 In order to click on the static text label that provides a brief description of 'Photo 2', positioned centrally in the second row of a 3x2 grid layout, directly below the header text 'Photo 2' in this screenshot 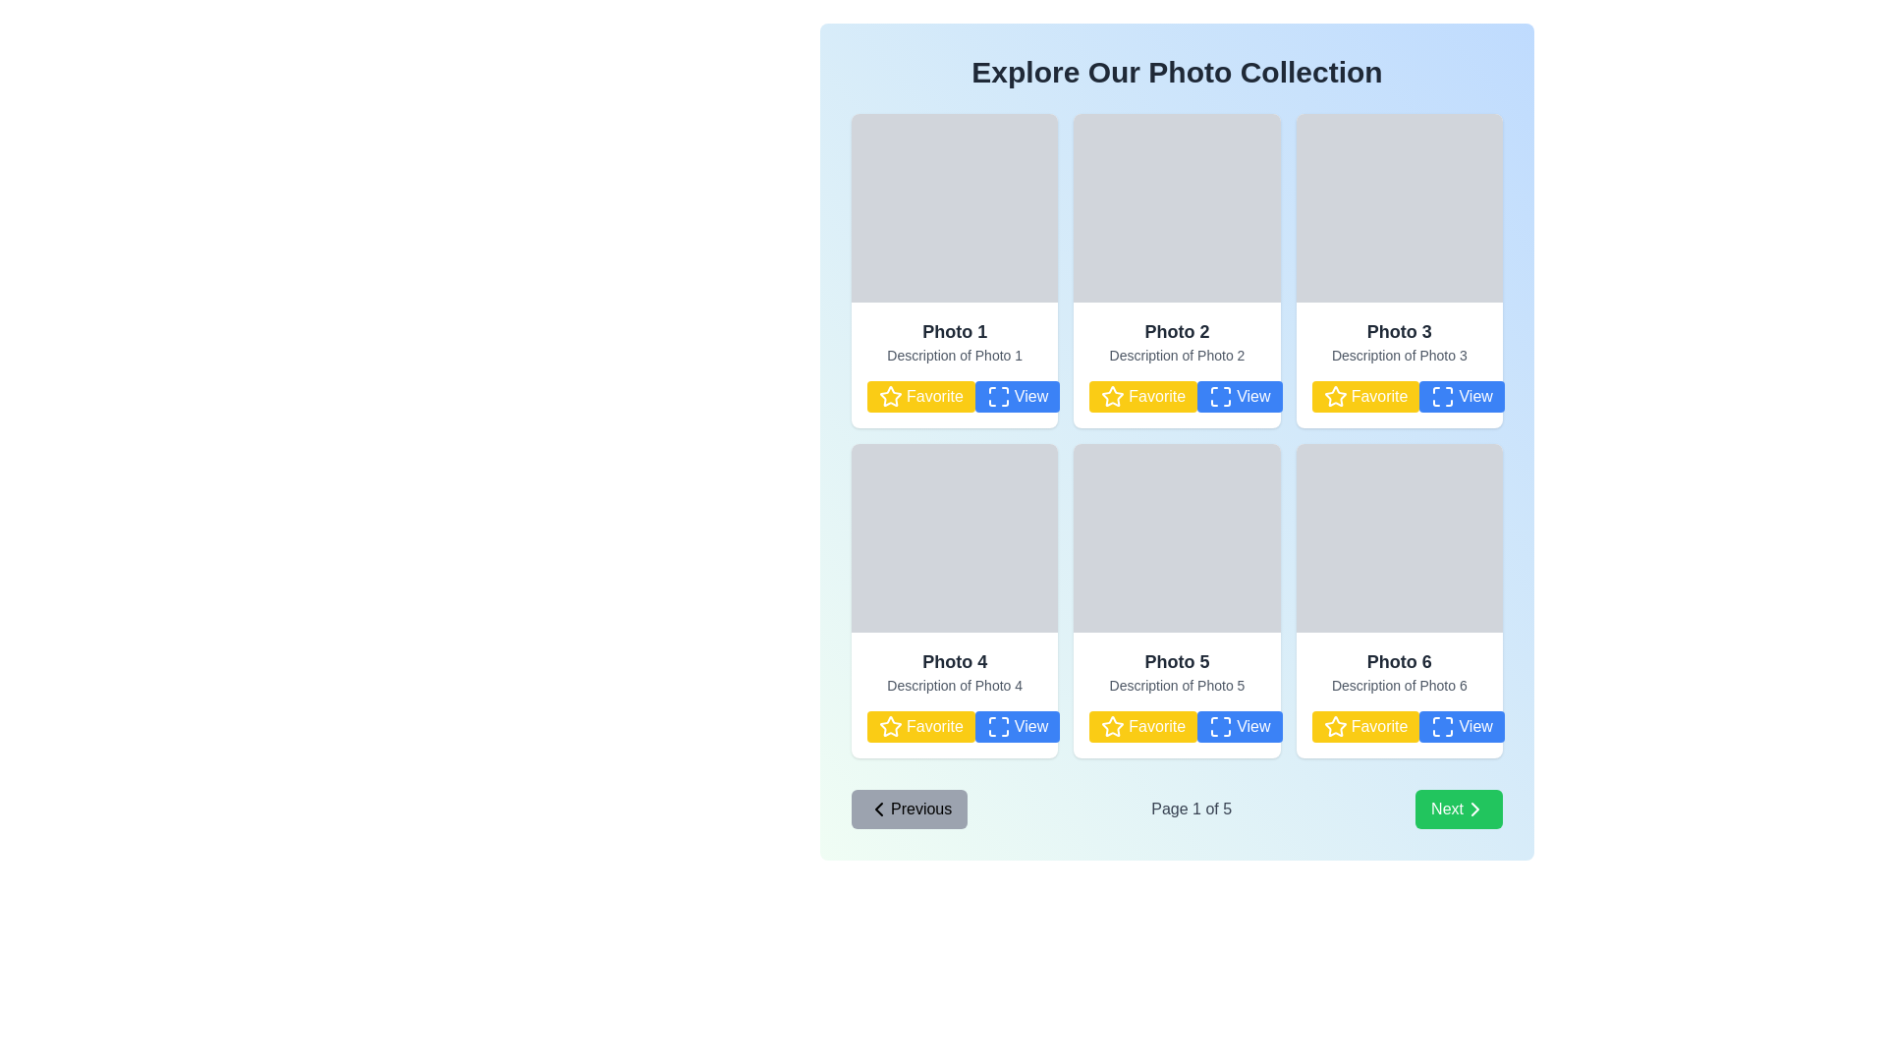, I will do `click(1177, 356)`.